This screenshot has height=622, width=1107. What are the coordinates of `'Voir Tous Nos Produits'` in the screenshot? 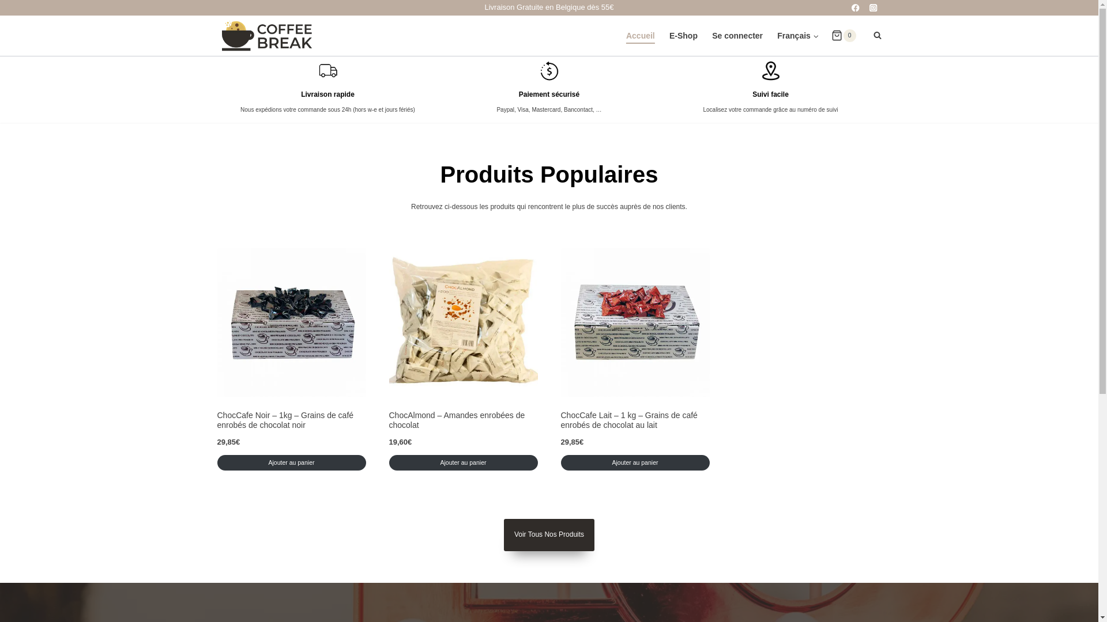 It's located at (548, 534).